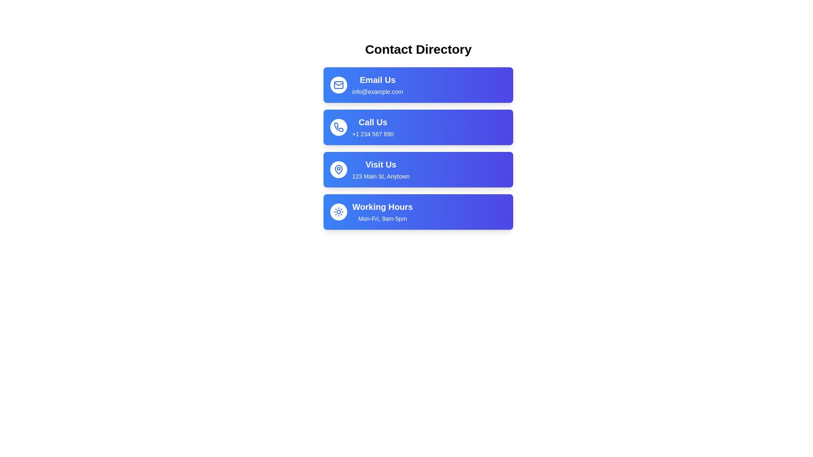  I want to click on the static text label component that introduces the phone number information in the second blue card of the contact options, so click(373, 122).